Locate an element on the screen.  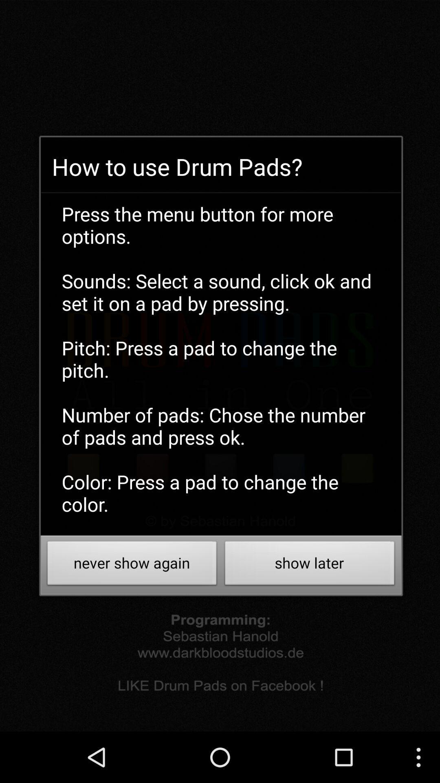
button at the bottom left corner is located at coordinates (132, 565).